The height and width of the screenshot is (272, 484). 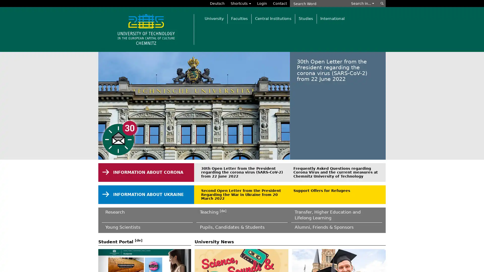 I want to click on International, so click(x=332, y=18).